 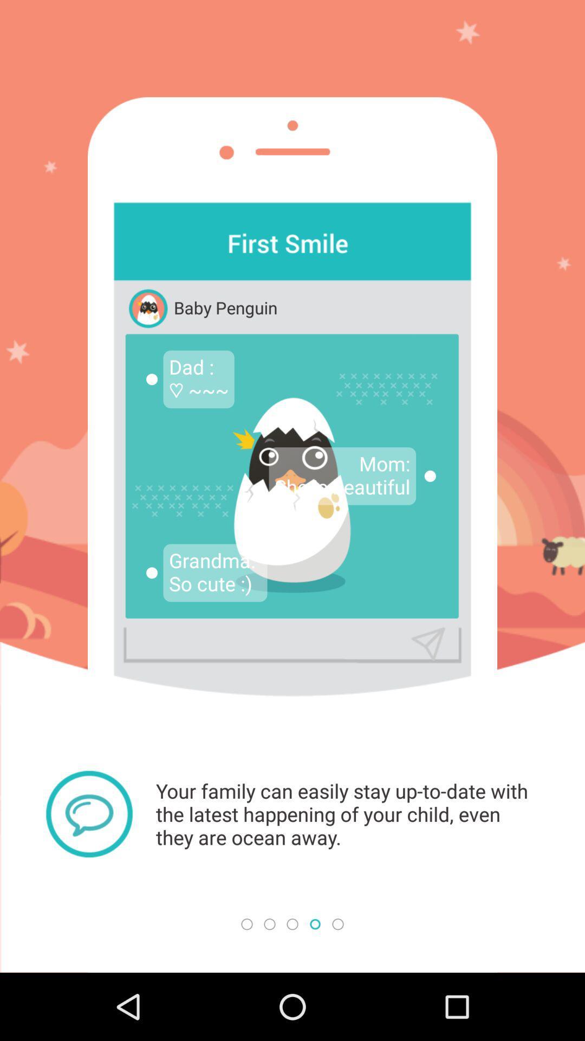 I want to click on the third dot from left at the bottom of the page, so click(x=292, y=923).